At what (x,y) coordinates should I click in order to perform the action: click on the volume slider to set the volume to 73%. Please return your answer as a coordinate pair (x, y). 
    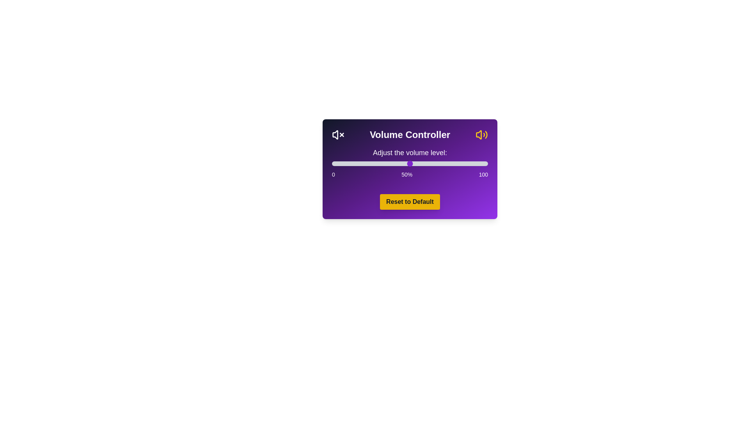
    Looking at the image, I should click on (445, 163).